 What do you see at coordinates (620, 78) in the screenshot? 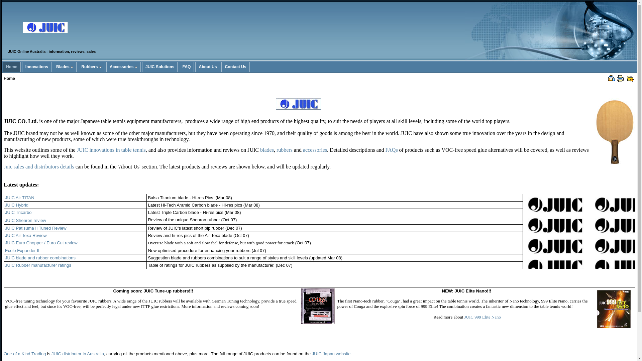
I see `'Print this page'` at bounding box center [620, 78].